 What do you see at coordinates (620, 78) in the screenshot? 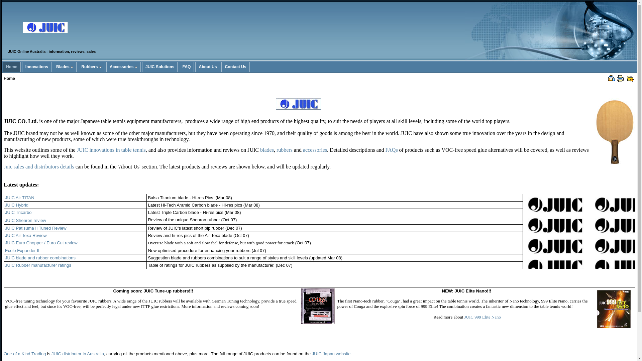
I see `'Print this page'` at bounding box center [620, 78].